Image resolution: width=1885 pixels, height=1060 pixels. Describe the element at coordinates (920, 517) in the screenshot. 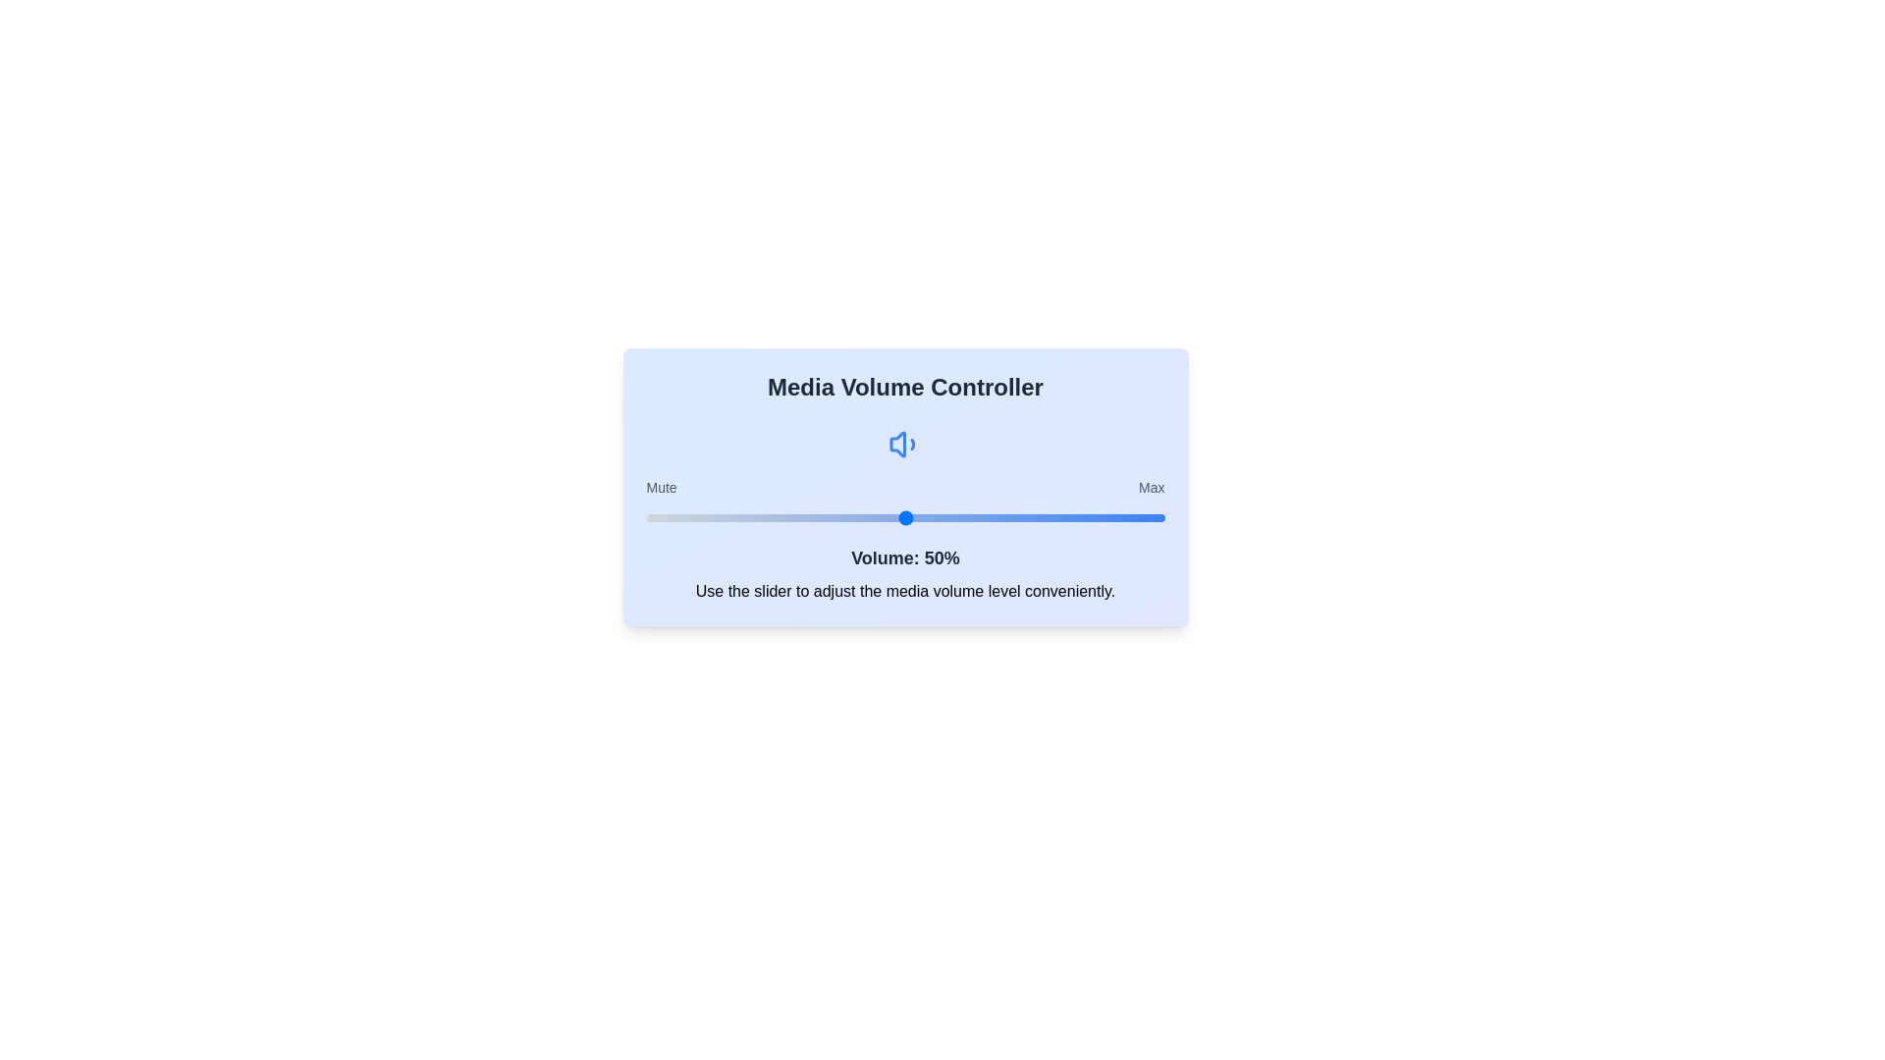

I see `the volume to 53% by adjusting the slider` at that location.